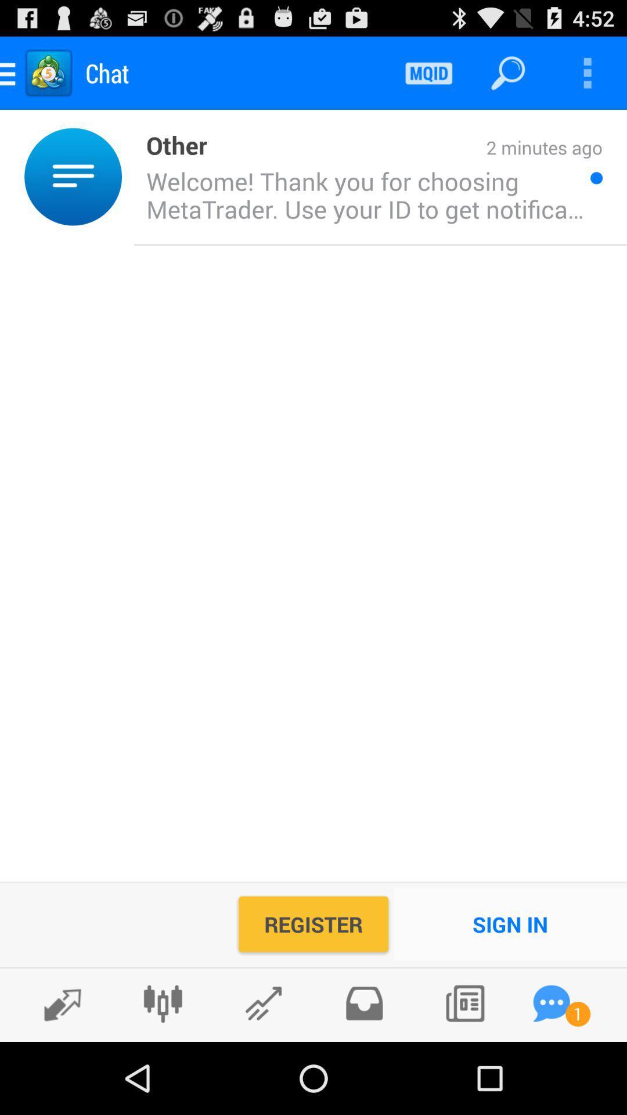 The height and width of the screenshot is (1115, 627). Describe the element at coordinates (128, 176) in the screenshot. I see `item next to other icon` at that location.